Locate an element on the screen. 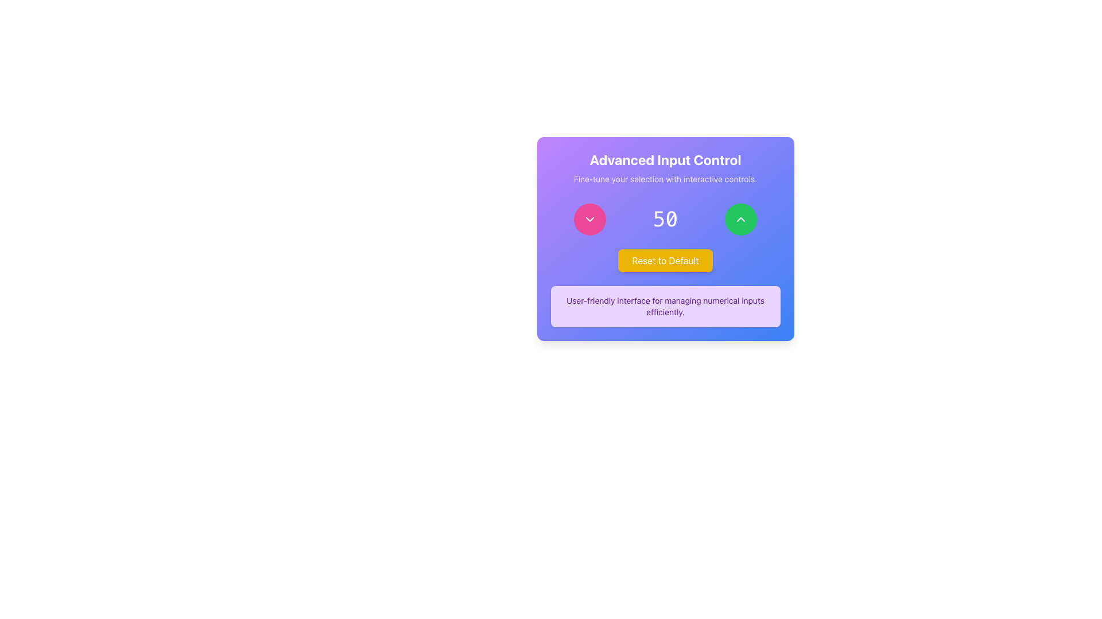 This screenshot has height=619, width=1102. the text label that reads 'Fine-tune your selection with interactive controls.' which has a purple-to-blue gradient background, located below the title 'Advanced Input Control' is located at coordinates (665, 179).